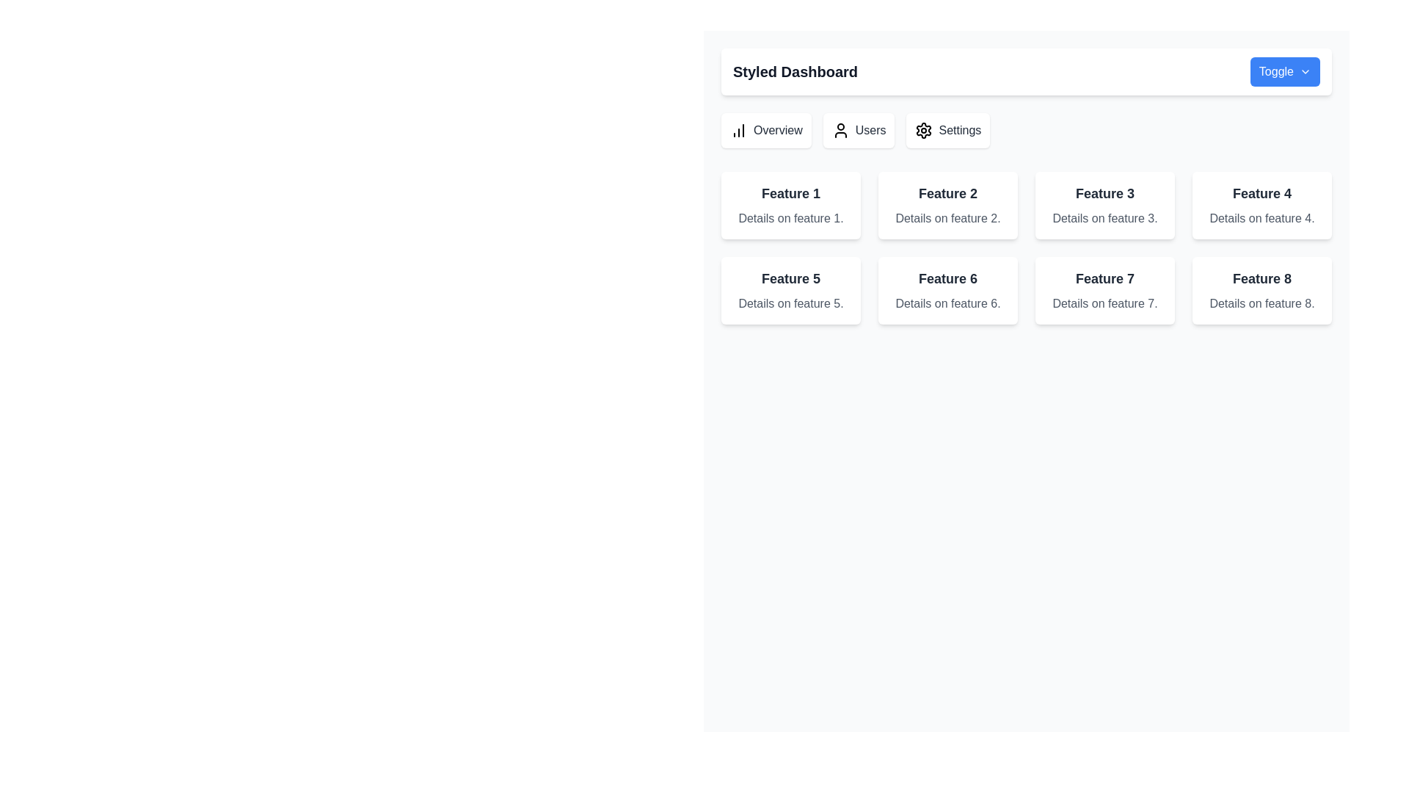 Image resolution: width=1409 pixels, height=793 pixels. What do you see at coordinates (765, 129) in the screenshot?
I see `the first button-like navigation item in the horizontal group` at bounding box center [765, 129].